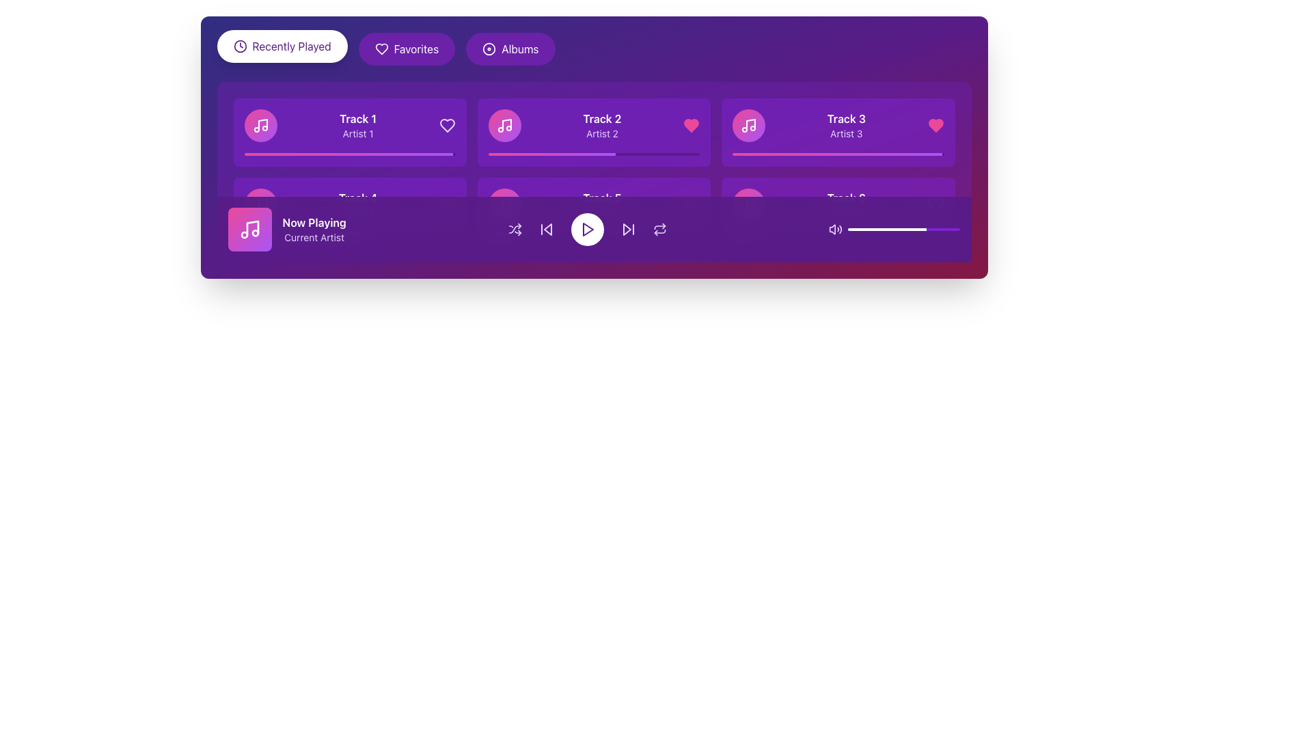 This screenshot has width=1312, height=738. Describe the element at coordinates (249, 228) in the screenshot. I see `the musical note icon with a white outline on a pink and purple gradient background located in the bottom-left area of the interface within the Now Playing section` at that location.